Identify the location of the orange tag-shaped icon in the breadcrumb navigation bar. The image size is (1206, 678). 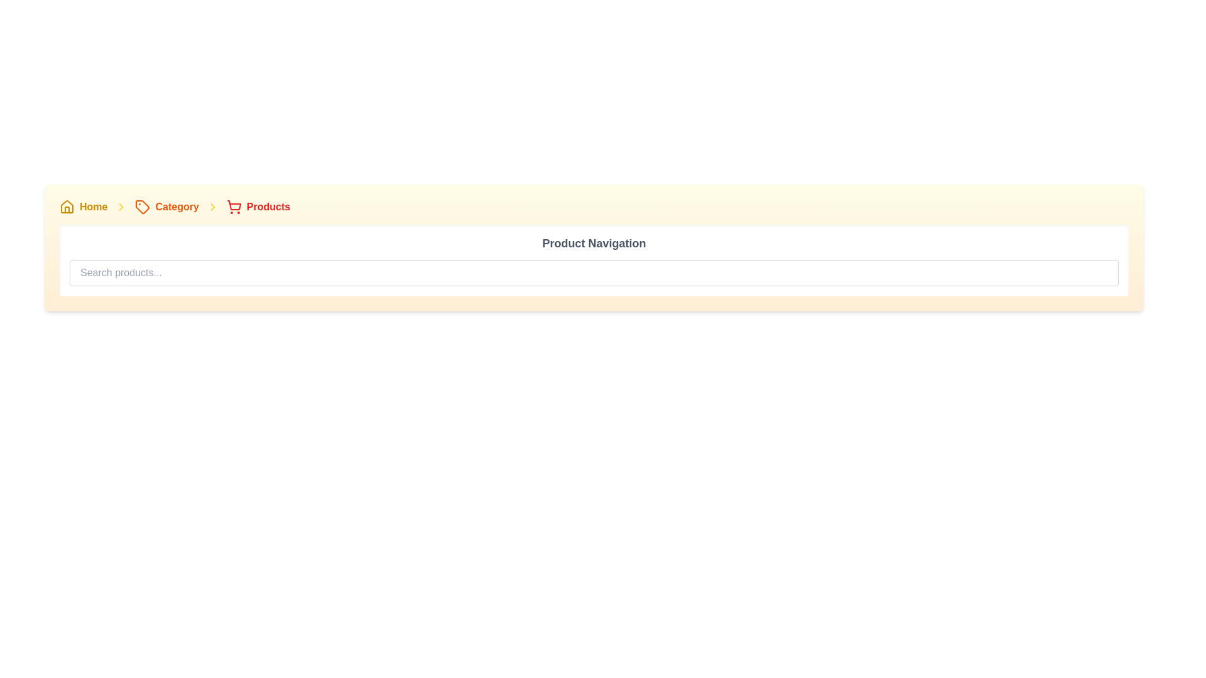
(143, 207).